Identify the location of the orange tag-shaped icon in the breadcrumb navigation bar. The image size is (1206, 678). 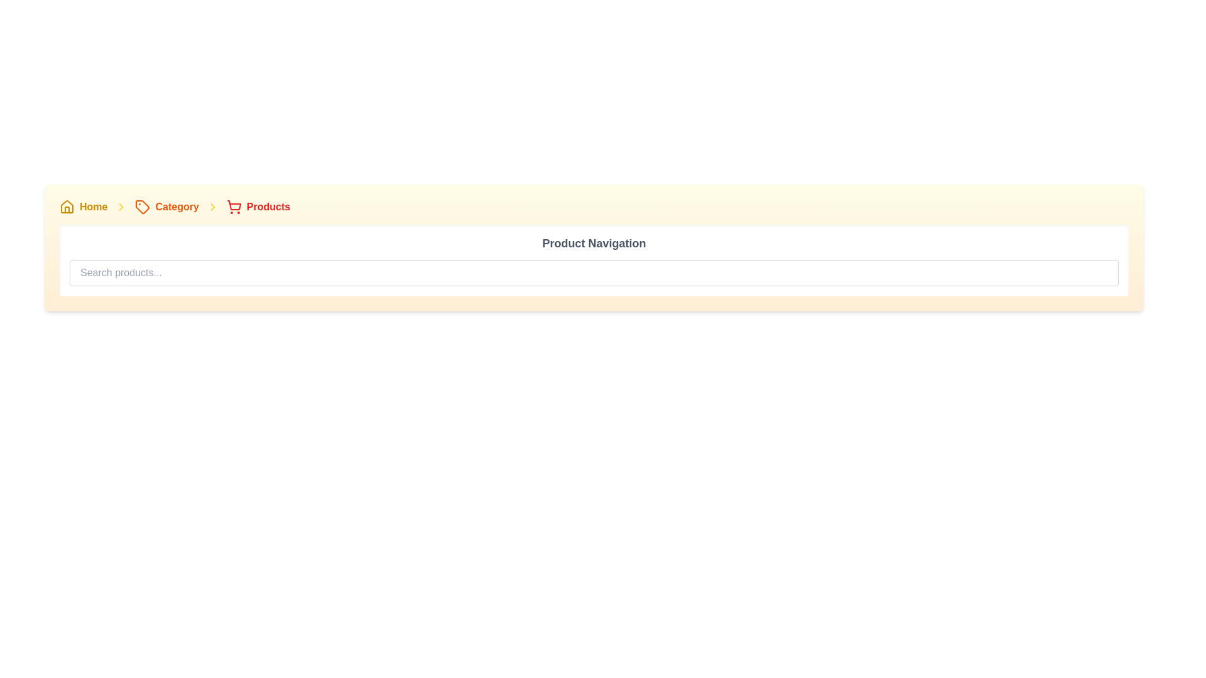
(143, 207).